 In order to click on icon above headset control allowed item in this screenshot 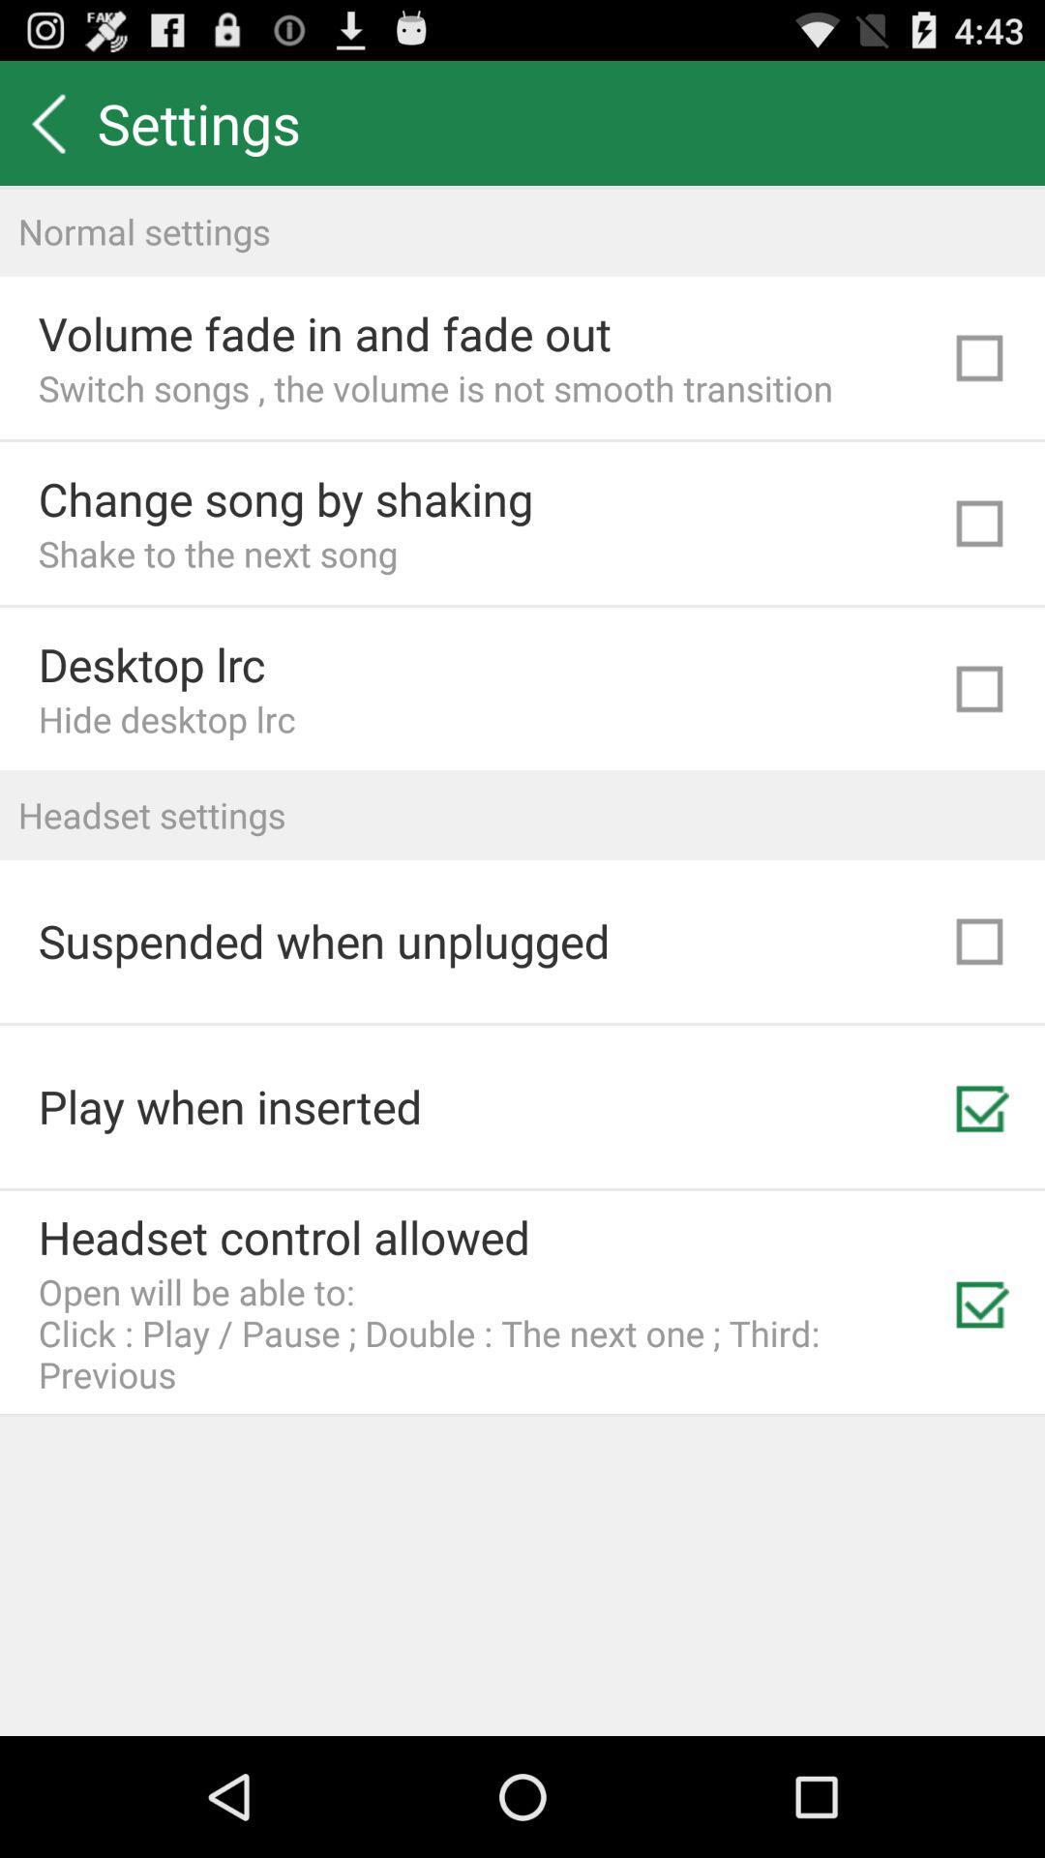, I will do `click(229, 1106)`.